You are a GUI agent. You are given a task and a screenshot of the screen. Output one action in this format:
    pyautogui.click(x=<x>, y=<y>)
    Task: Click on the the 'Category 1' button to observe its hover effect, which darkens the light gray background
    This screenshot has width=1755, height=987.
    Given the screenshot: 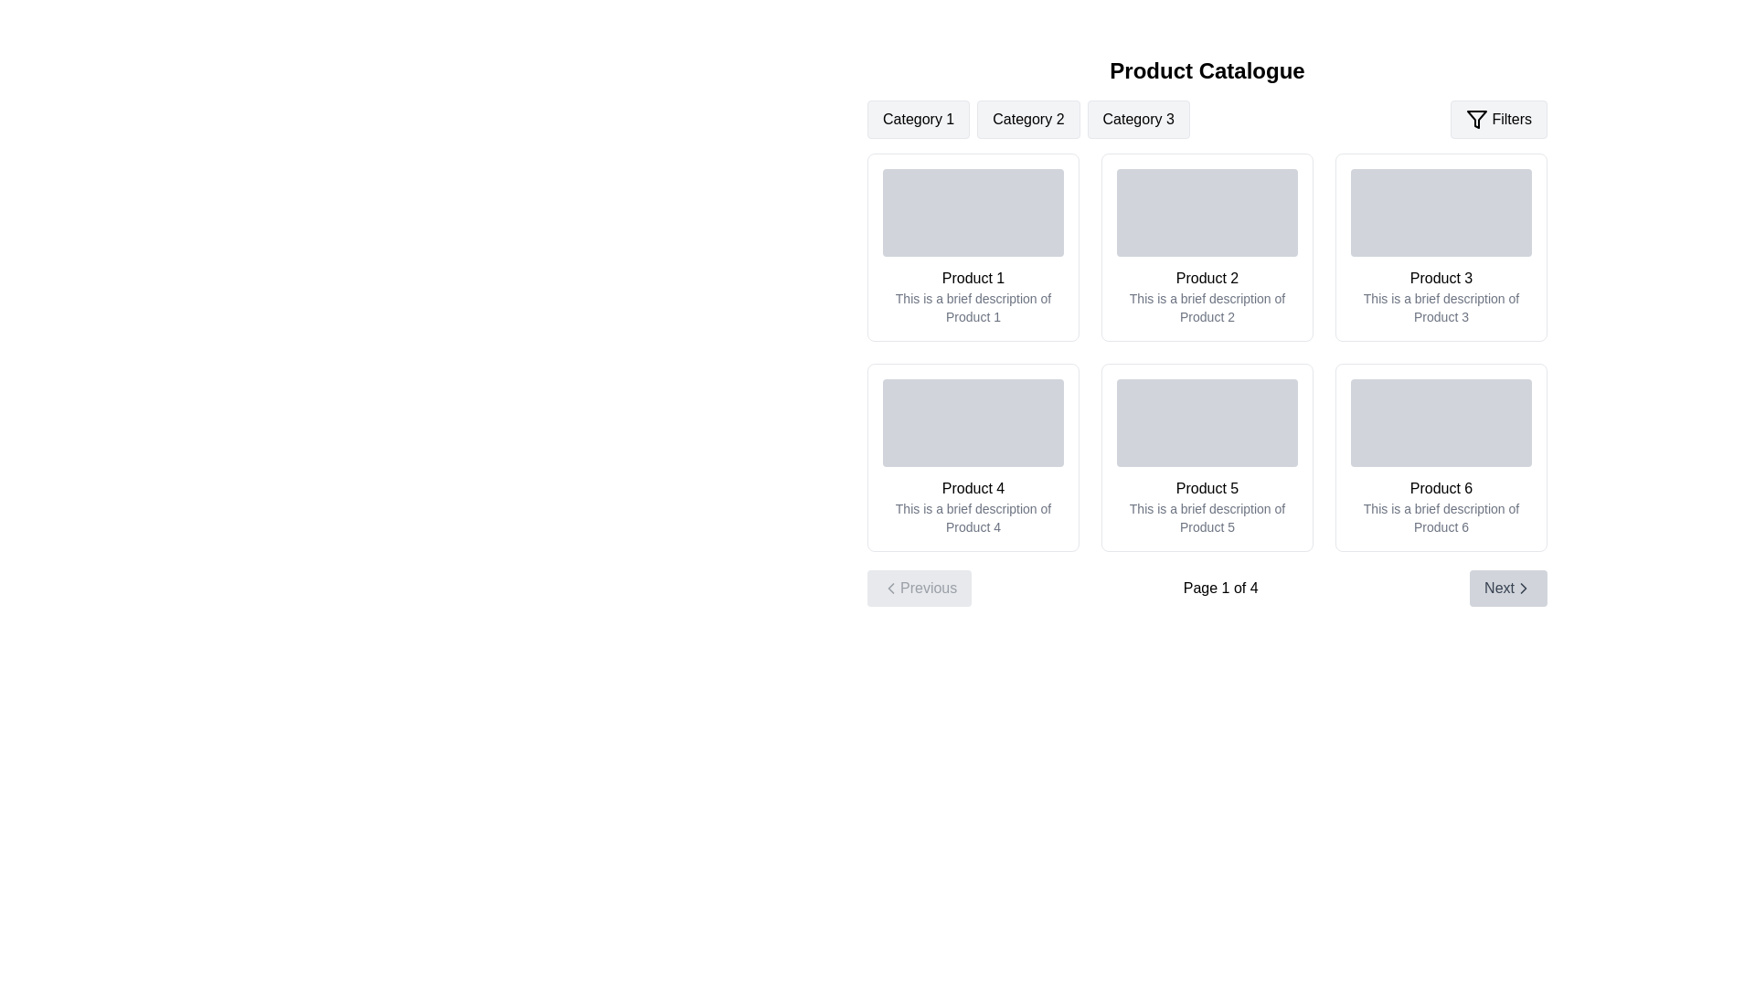 What is the action you would take?
    pyautogui.click(x=919, y=120)
    